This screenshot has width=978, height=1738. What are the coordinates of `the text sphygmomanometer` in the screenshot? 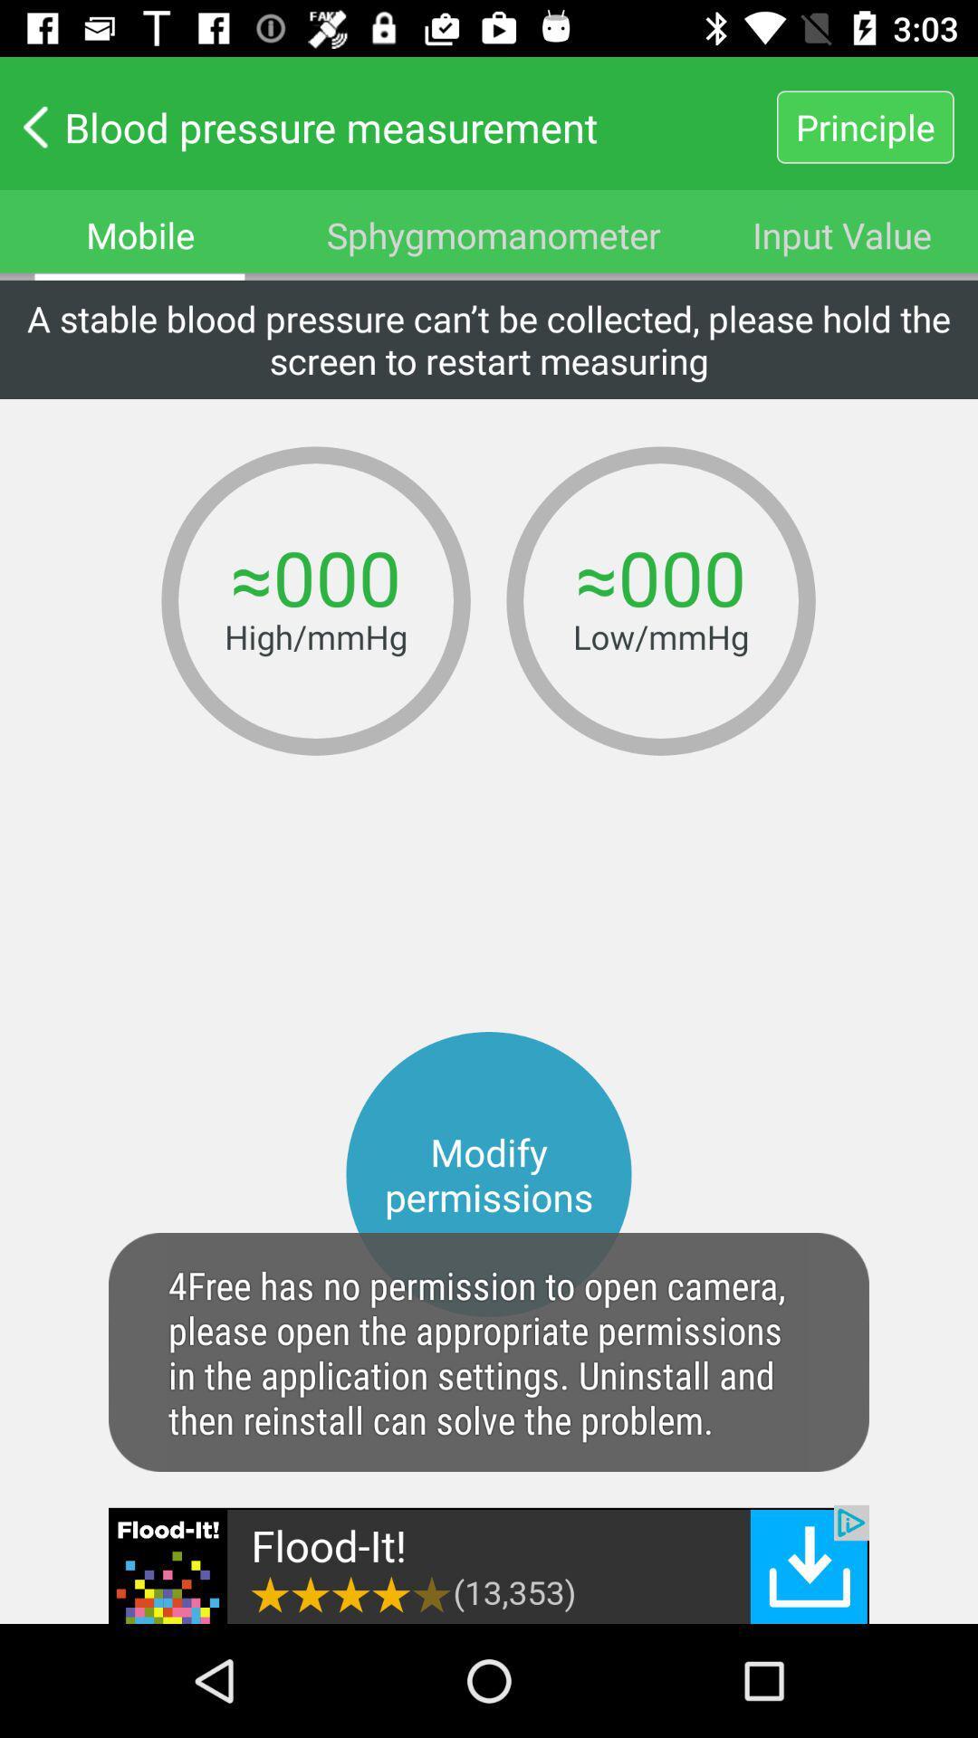 It's located at (494, 234).